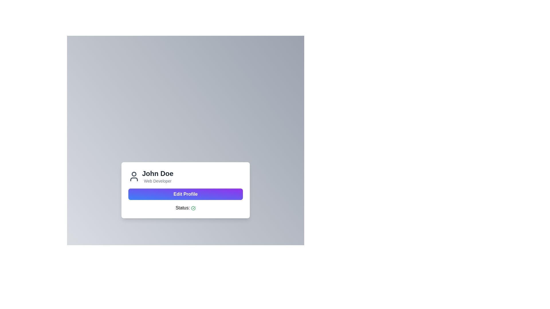 This screenshot has width=550, height=309. What do you see at coordinates (158, 173) in the screenshot?
I see `text from the bold text label displaying 'John Doe' situated at the top of the card-like structure` at bounding box center [158, 173].